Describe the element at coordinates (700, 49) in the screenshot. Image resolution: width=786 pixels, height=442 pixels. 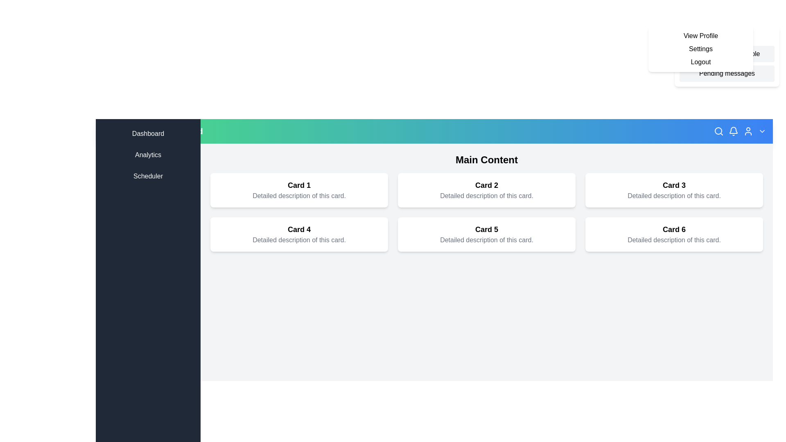
I see `the 'Settings' text link in the dropdown menu located in the upper-right corner of the interface` at that location.